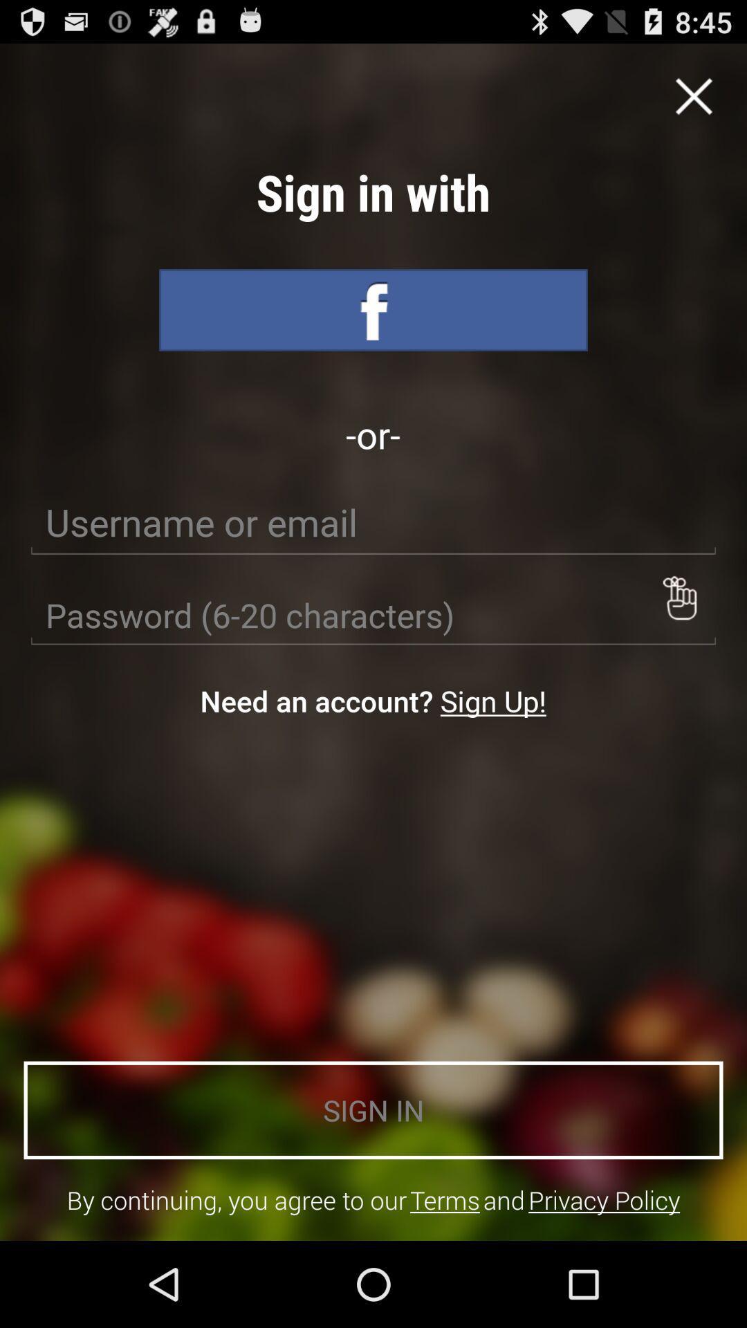 This screenshot has width=747, height=1328. I want to click on the icon next to the need an account? item, so click(492, 701).